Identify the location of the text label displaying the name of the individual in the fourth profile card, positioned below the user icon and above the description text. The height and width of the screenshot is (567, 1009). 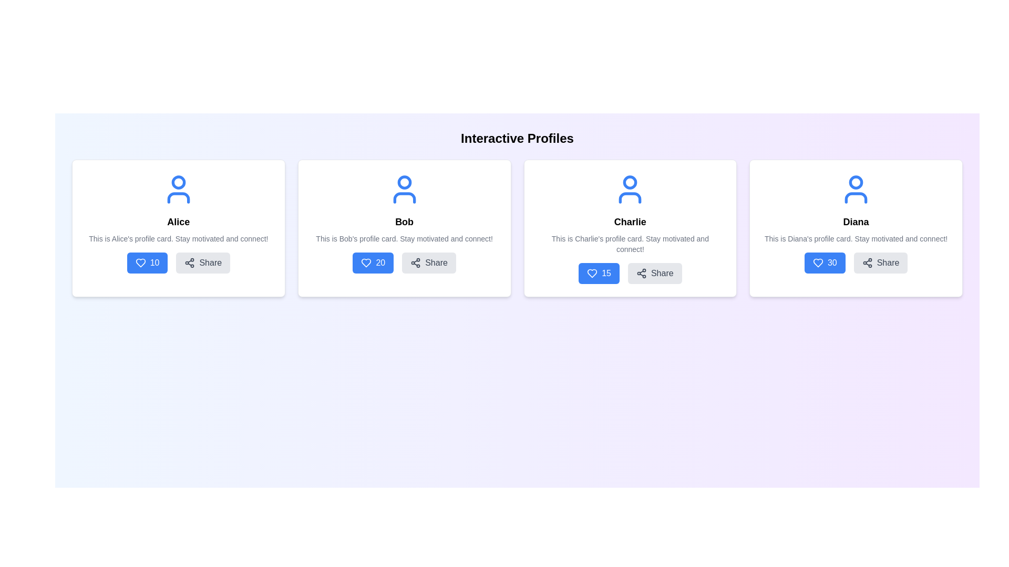
(856, 222).